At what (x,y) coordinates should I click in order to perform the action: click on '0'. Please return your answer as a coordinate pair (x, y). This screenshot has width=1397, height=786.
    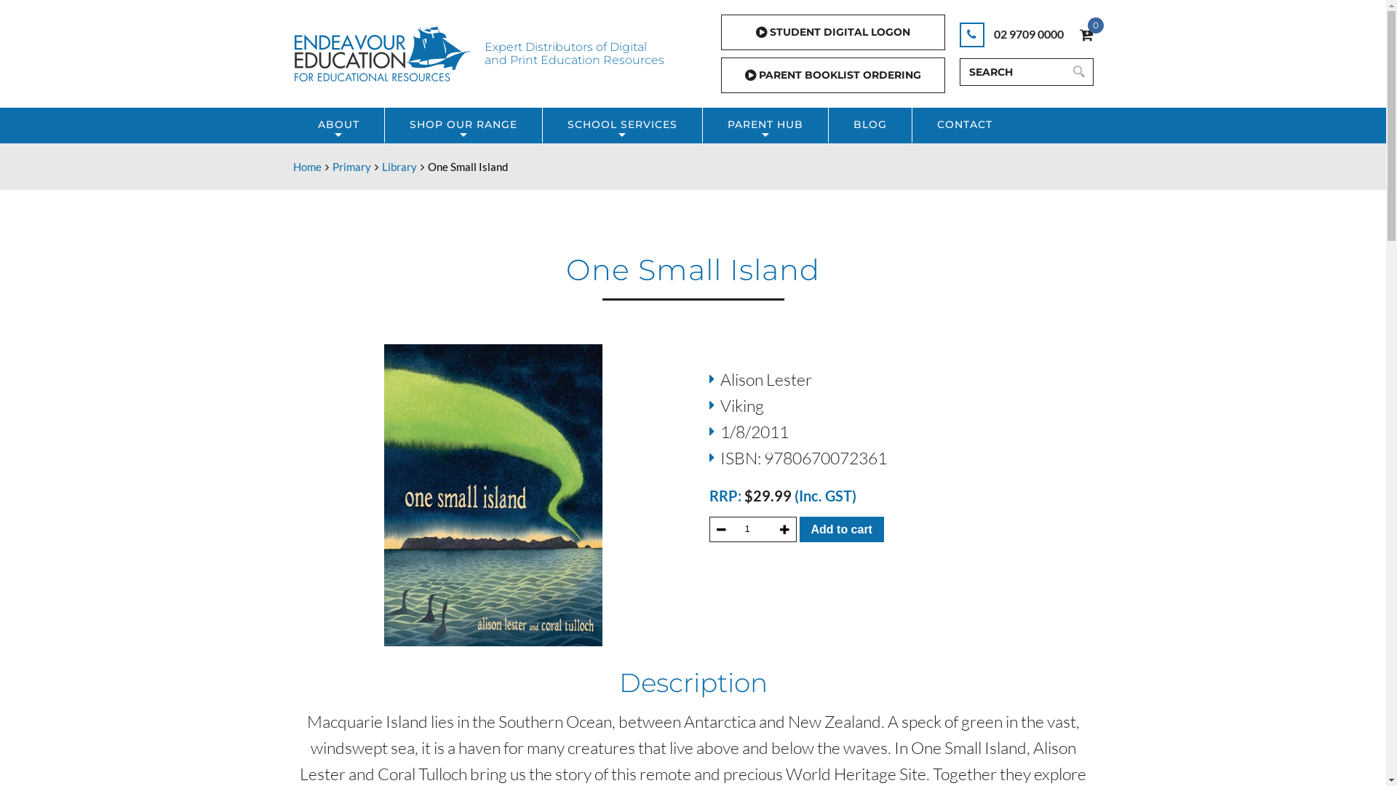
    Looking at the image, I should click on (1086, 33).